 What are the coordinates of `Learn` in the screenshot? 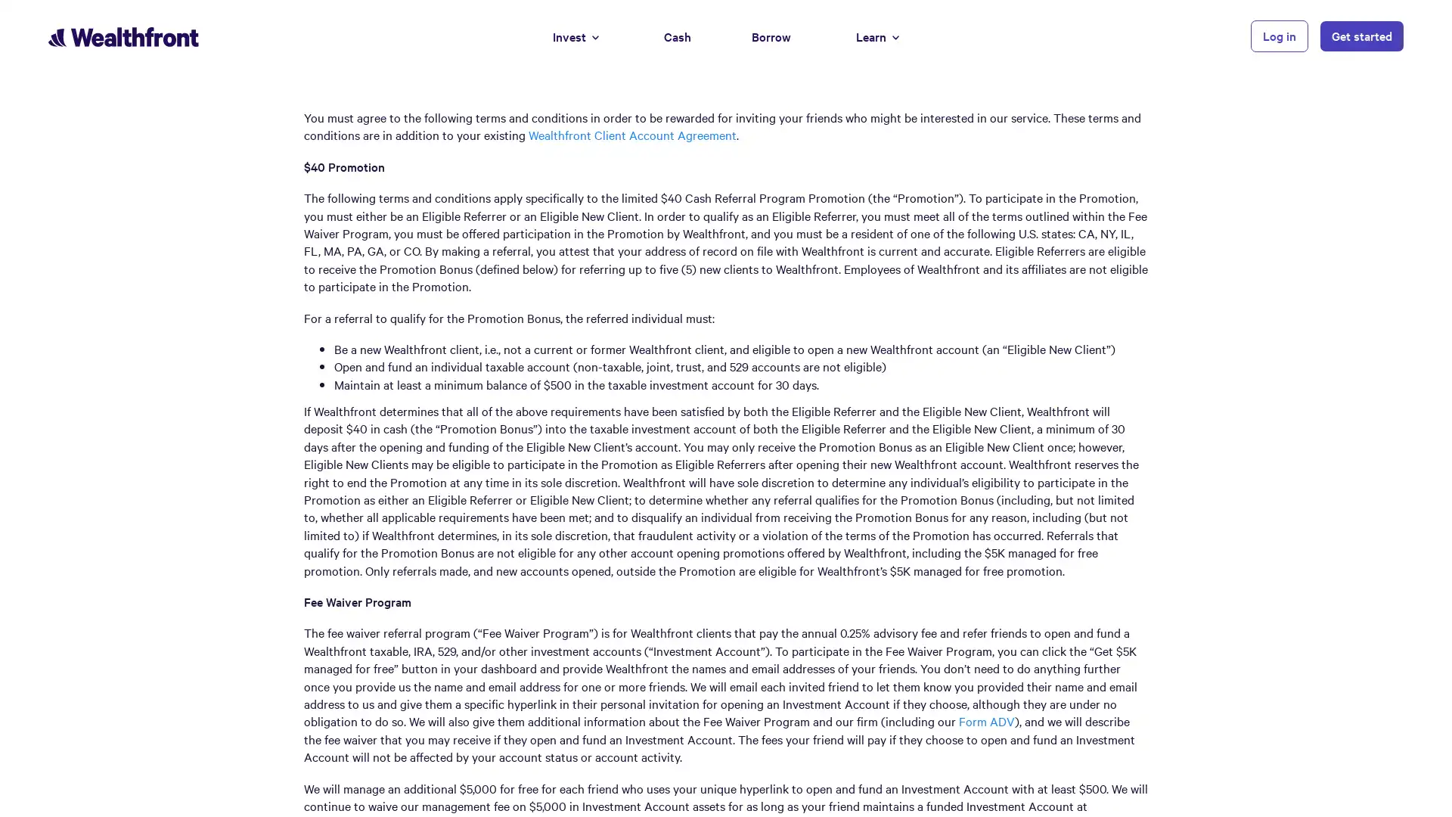 It's located at (877, 35).